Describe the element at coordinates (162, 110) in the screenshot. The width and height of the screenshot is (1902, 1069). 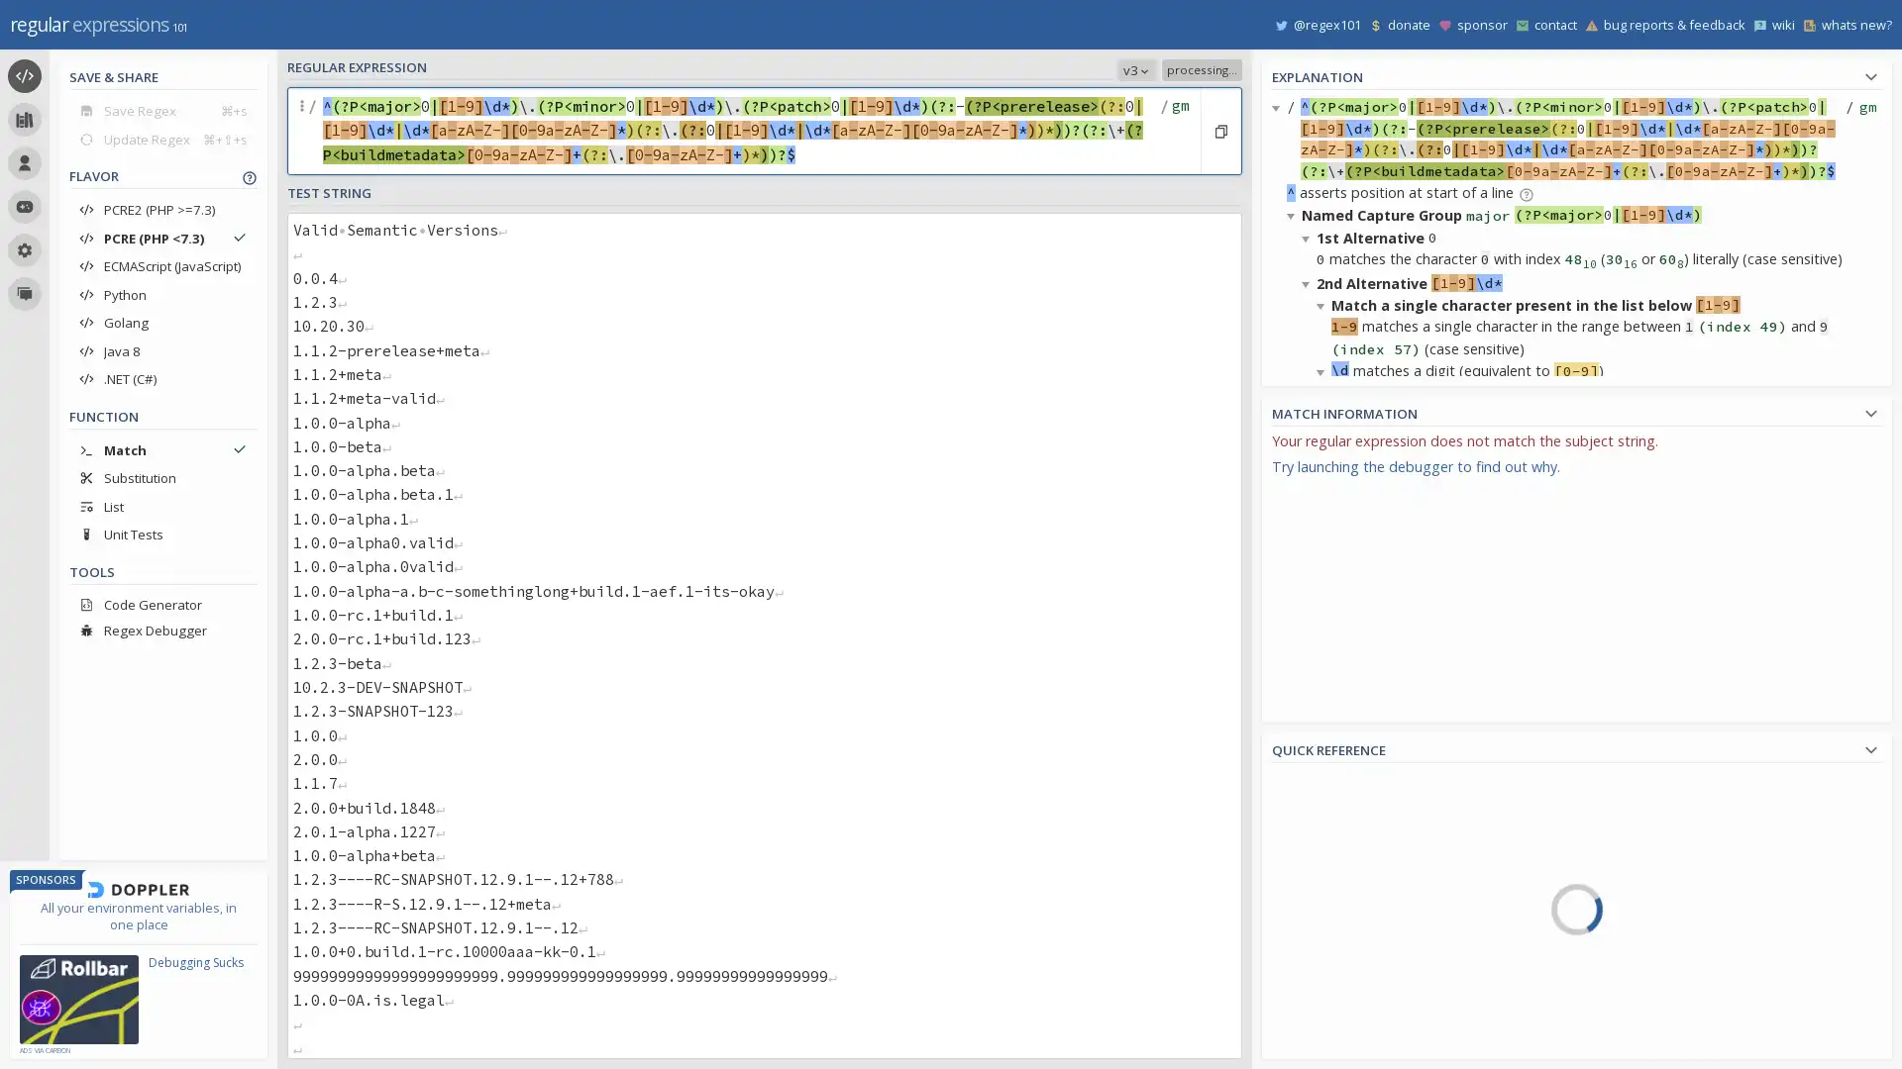
I see `Save Regex +s` at that location.